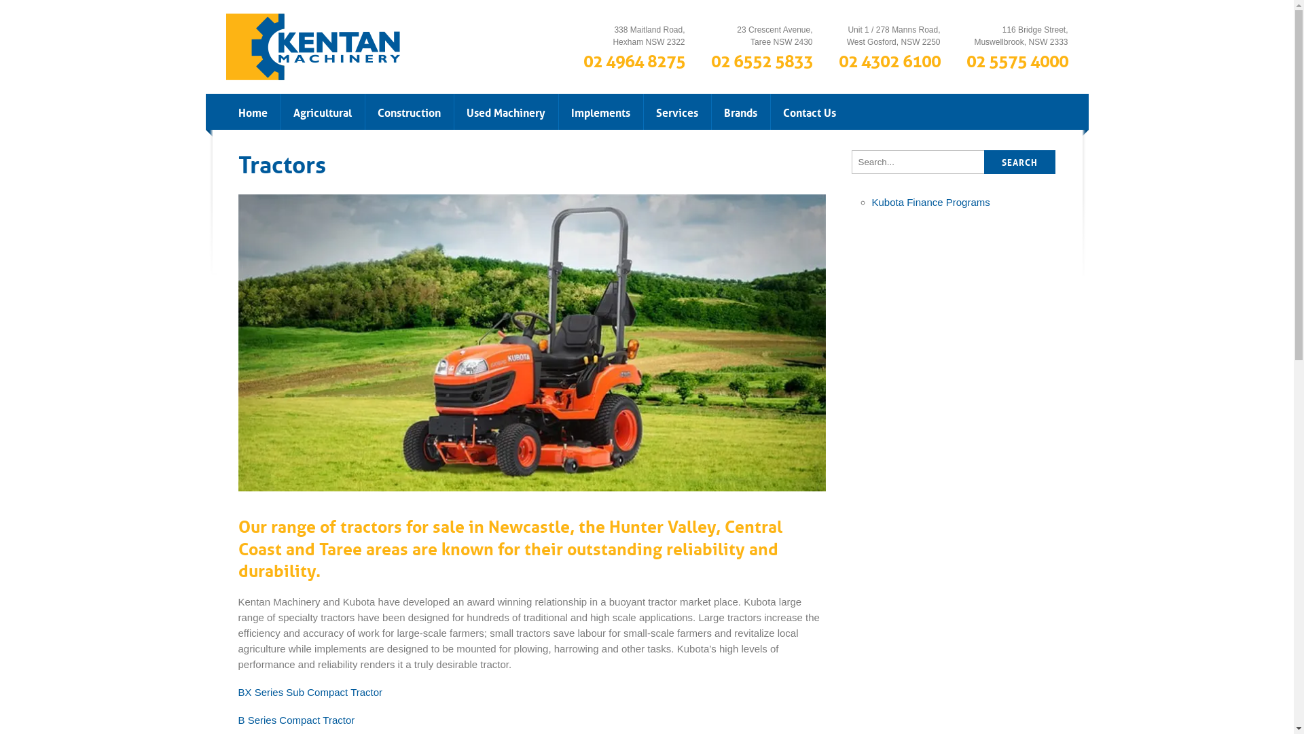 This screenshot has width=1304, height=734. What do you see at coordinates (295, 719) in the screenshot?
I see `'B Series Compact Tractor'` at bounding box center [295, 719].